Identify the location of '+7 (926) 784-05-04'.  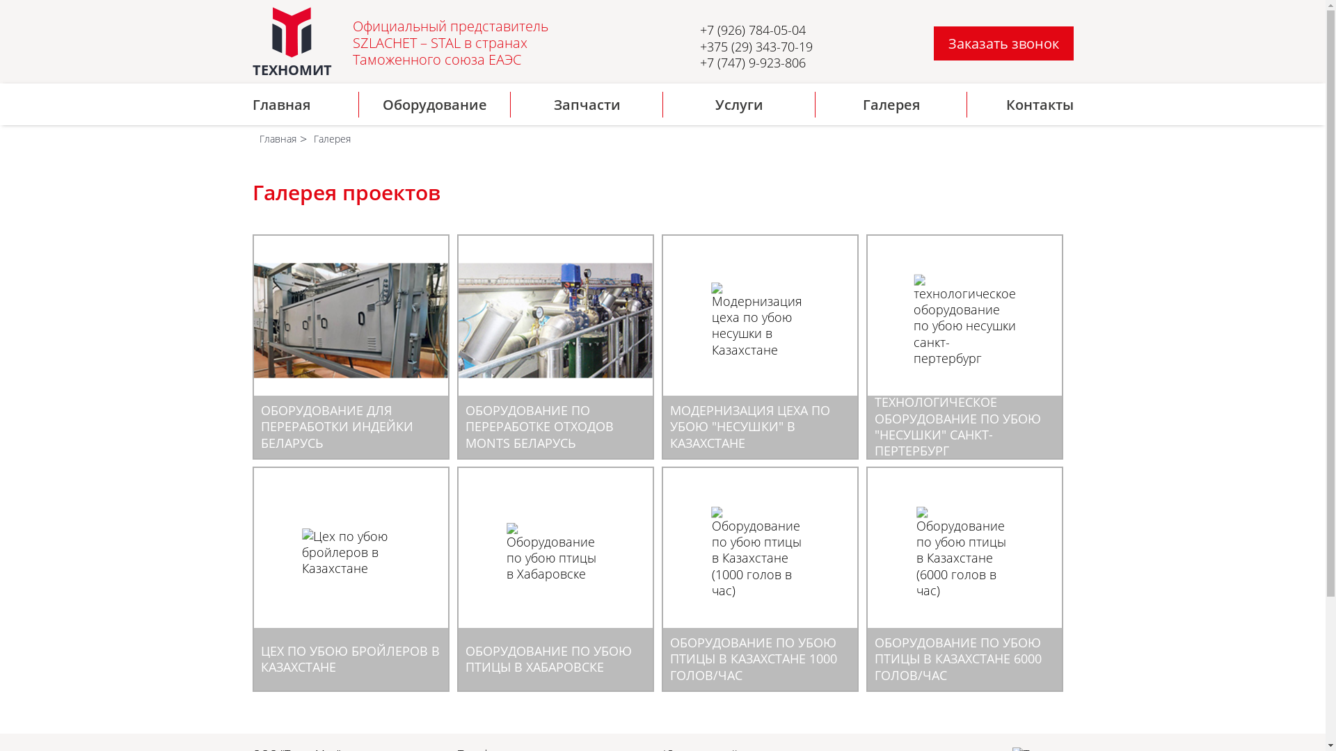
(700, 29).